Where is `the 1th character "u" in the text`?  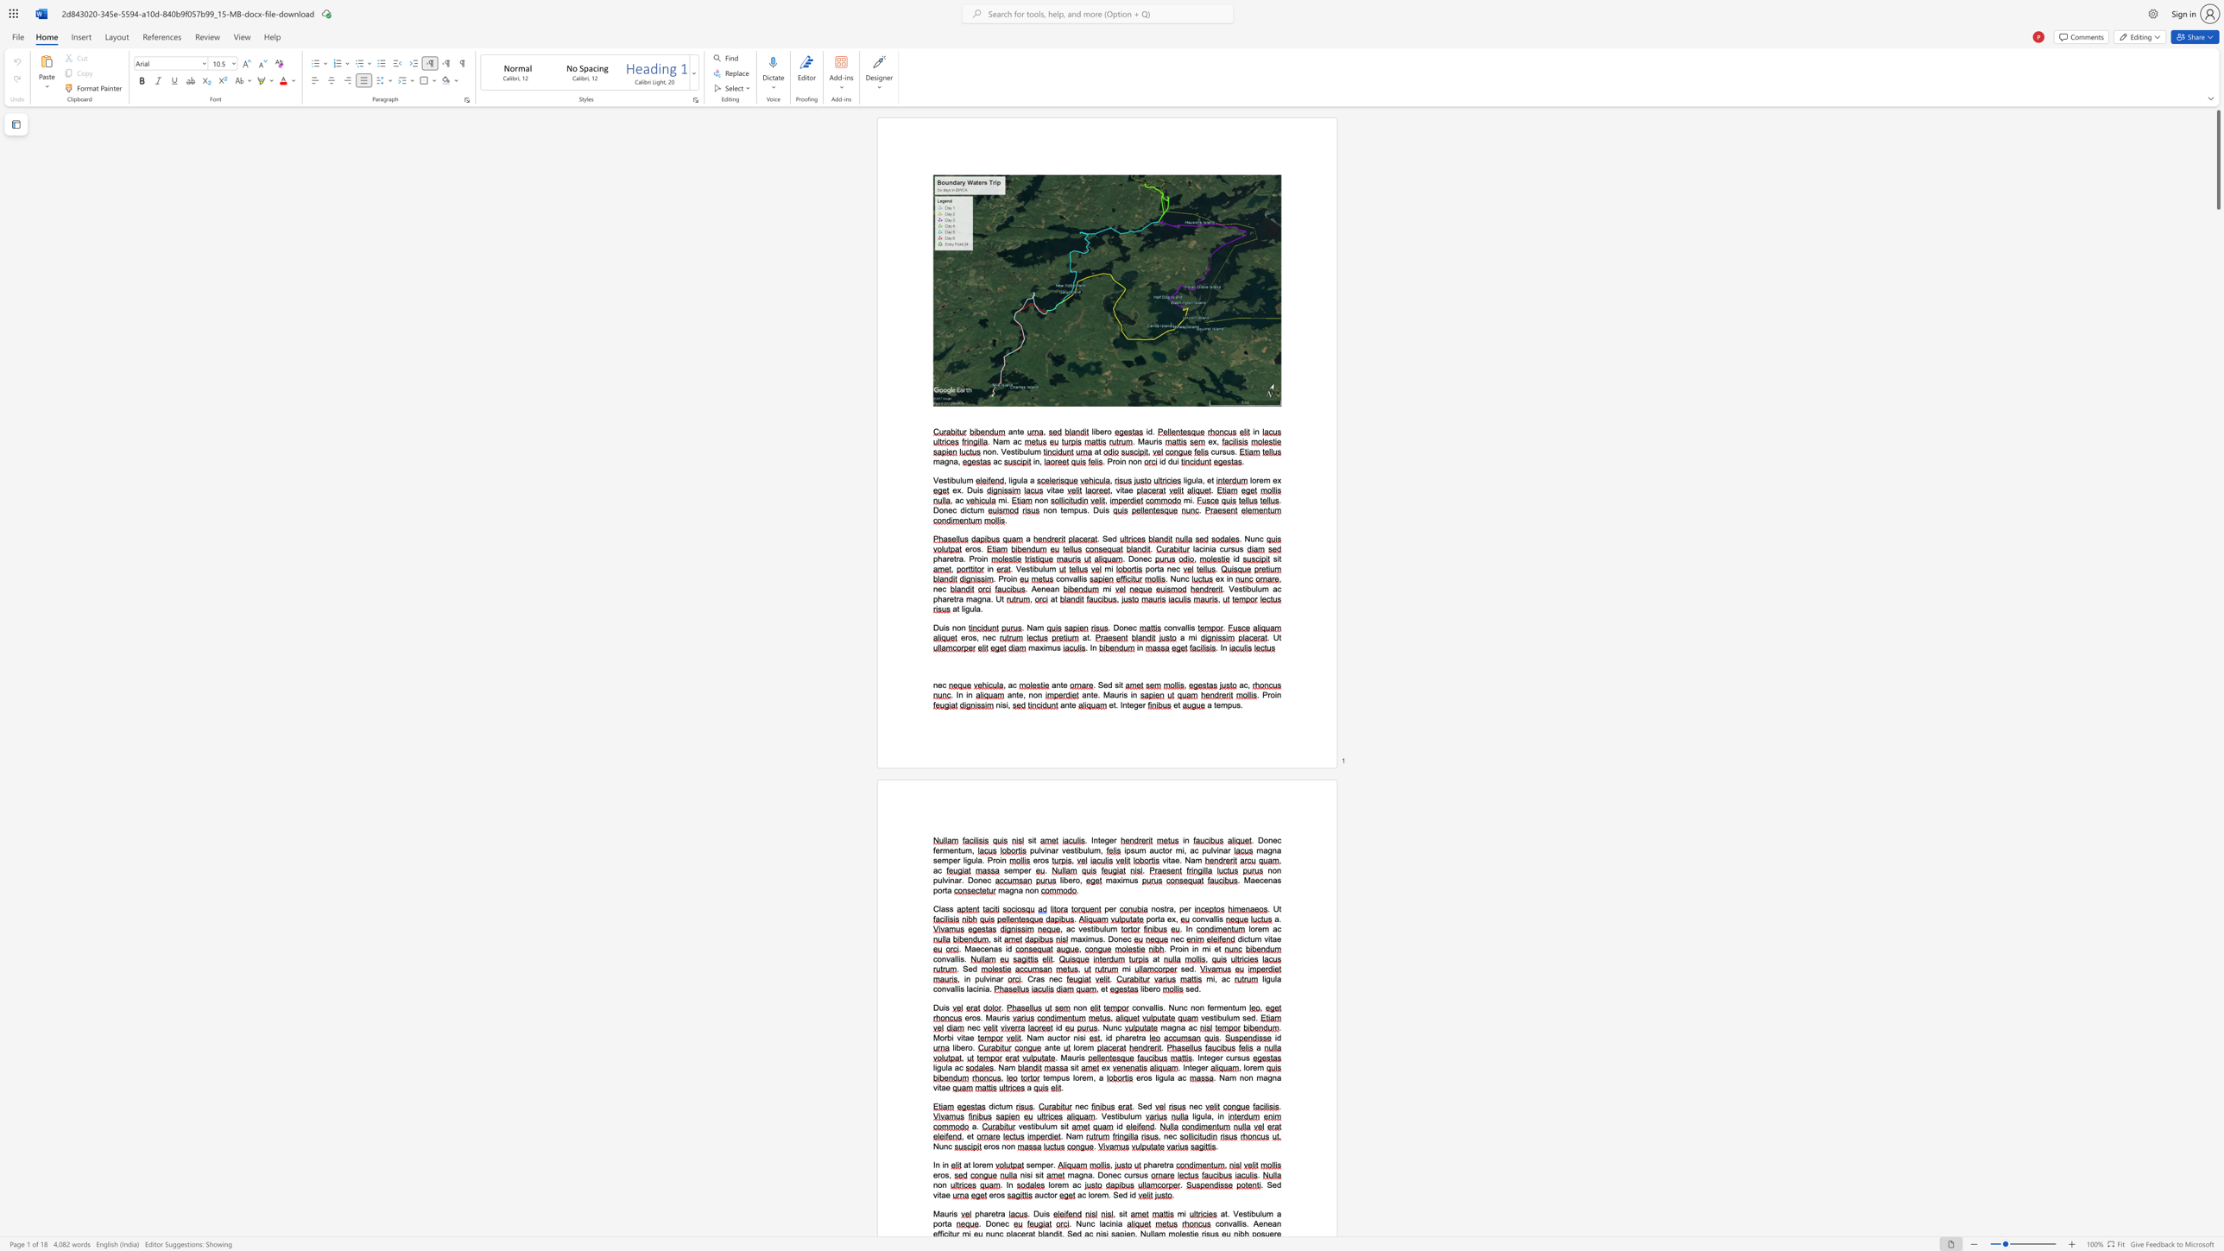
the 1th character "u" in the text is located at coordinates (1136, 850).